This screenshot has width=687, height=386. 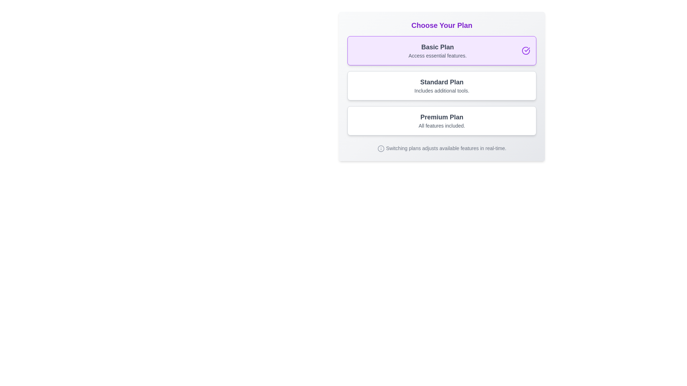 I want to click on the 'Basic Plan' selectable option card located at the top-center of the page for navigation, so click(x=441, y=50).